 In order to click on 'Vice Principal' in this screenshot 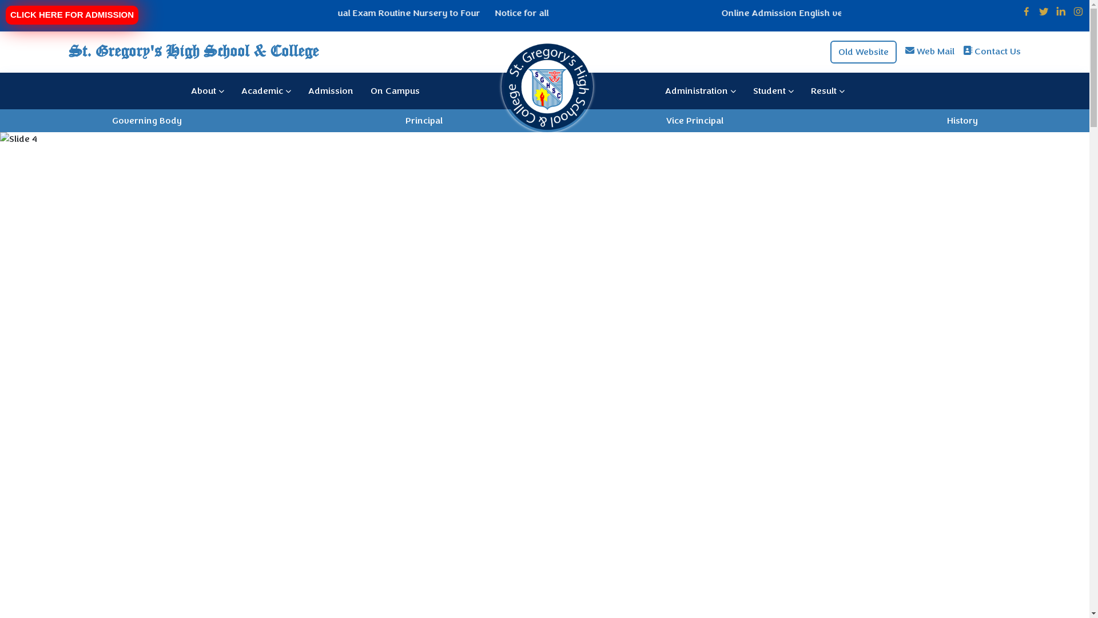, I will do `click(694, 120)`.